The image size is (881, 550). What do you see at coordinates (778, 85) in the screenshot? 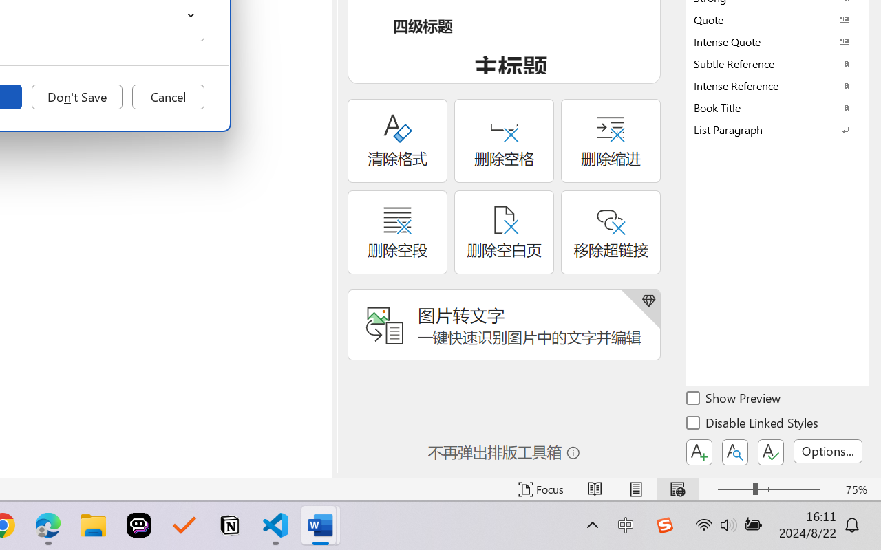
I see `'Intense Reference'` at bounding box center [778, 85].